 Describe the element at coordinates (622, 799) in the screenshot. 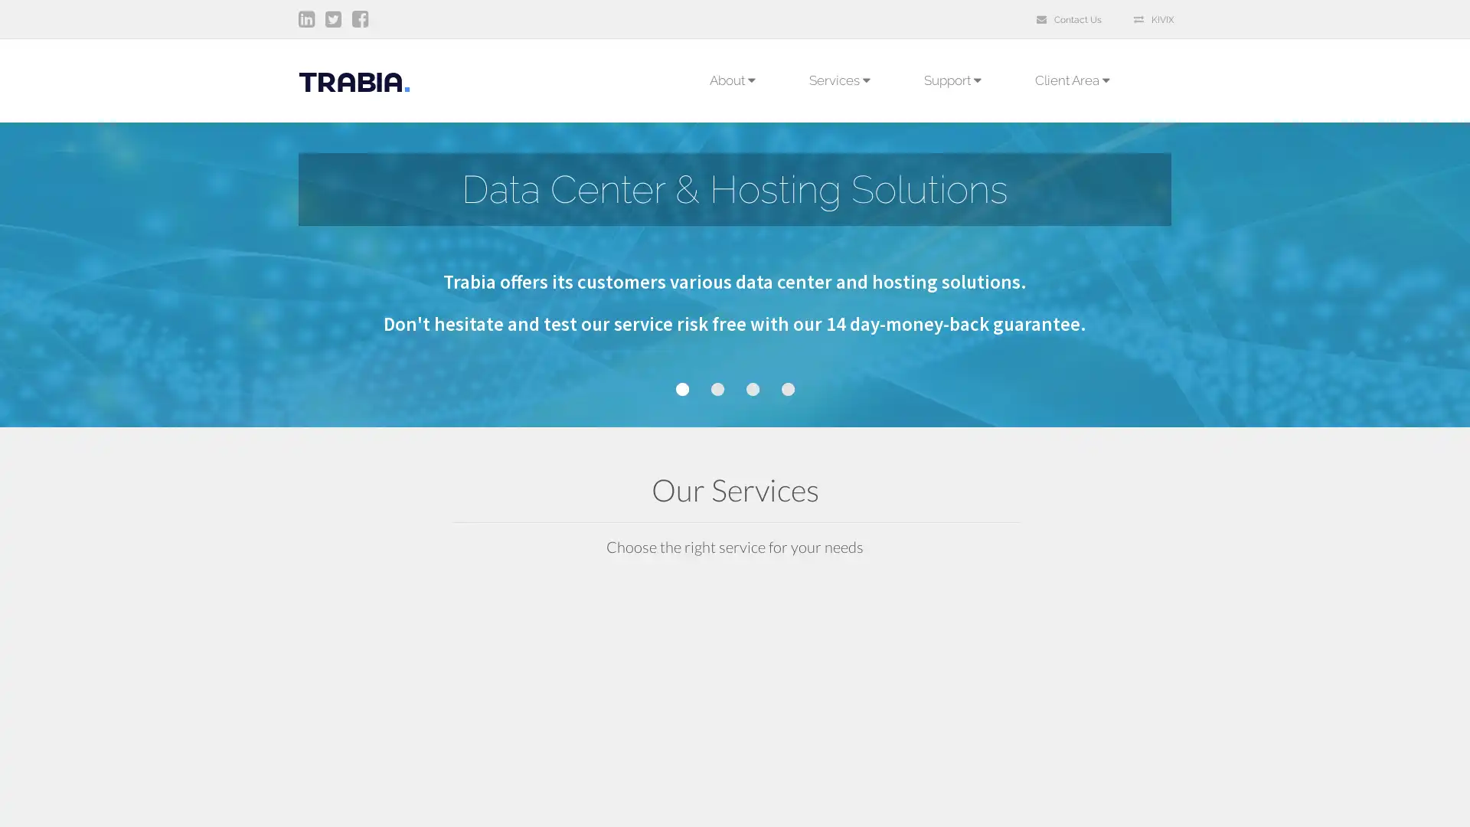

I see `See All` at that location.